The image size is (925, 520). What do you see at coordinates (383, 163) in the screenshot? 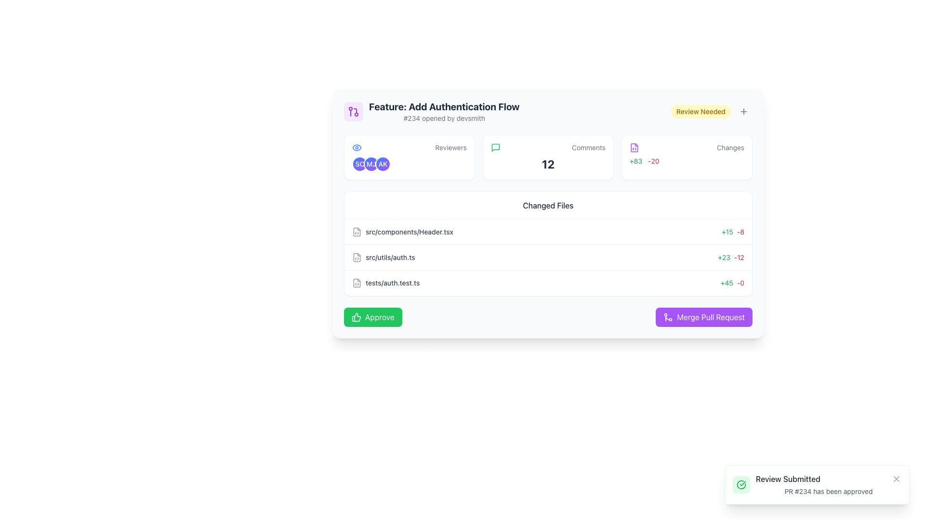
I see `the third circular badge labeled 'AK' with a gradient background in the 'Reviewers' section` at bounding box center [383, 163].